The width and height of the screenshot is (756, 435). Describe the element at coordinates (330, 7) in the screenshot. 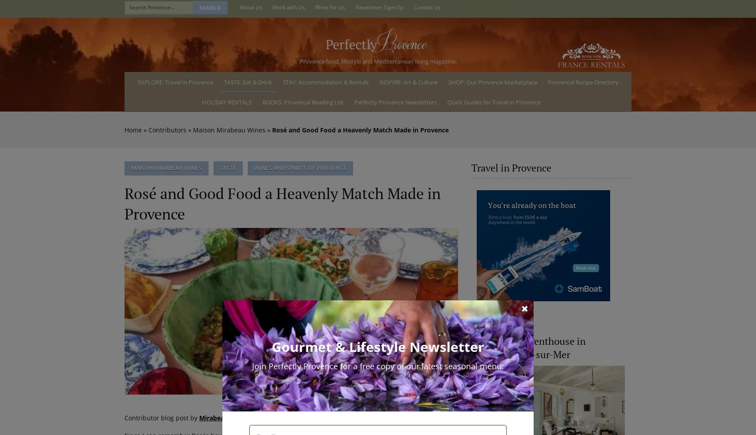

I see `'Write for Us'` at that location.